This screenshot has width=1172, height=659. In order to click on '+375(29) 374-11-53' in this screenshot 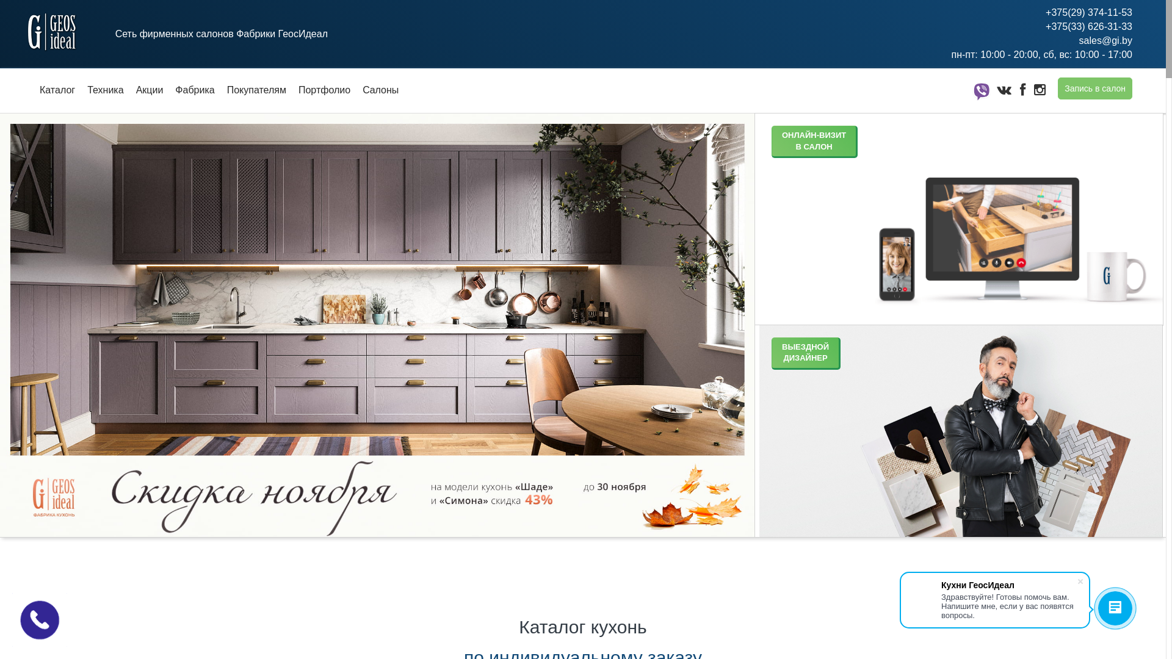, I will do `click(1041, 13)`.